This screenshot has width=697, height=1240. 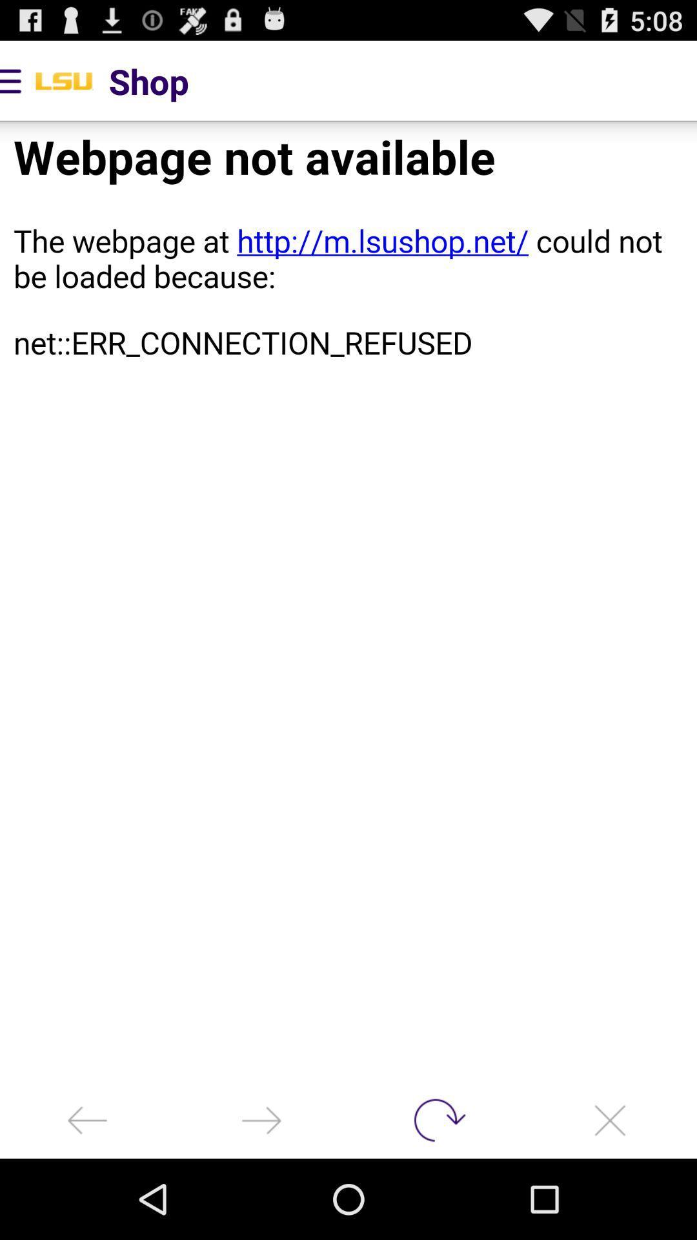 I want to click on go forward, so click(x=261, y=1119).